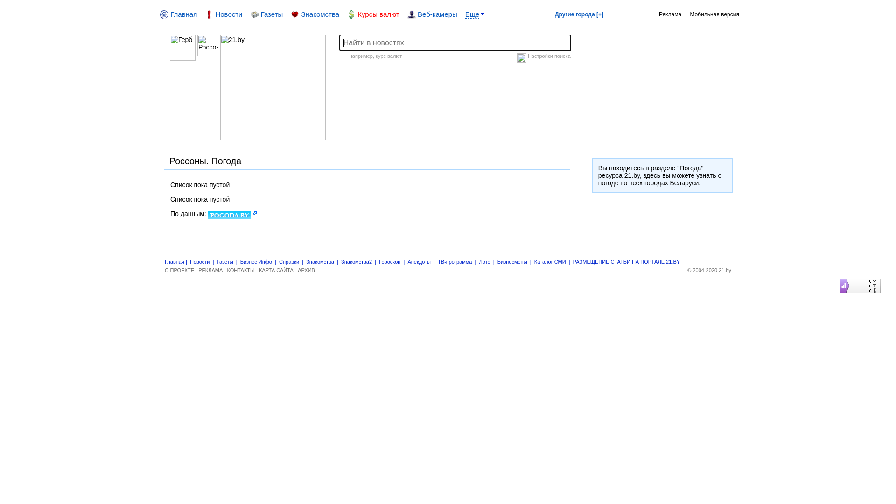 The width and height of the screenshot is (896, 504). I want to click on 'LiveInternet', so click(837, 278).